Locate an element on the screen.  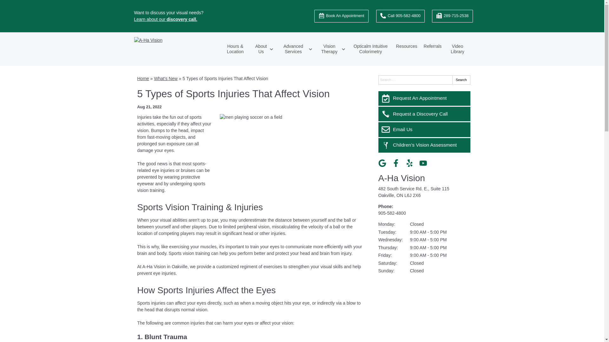
'Request a Discovery Call' is located at coordinates (424, 113).